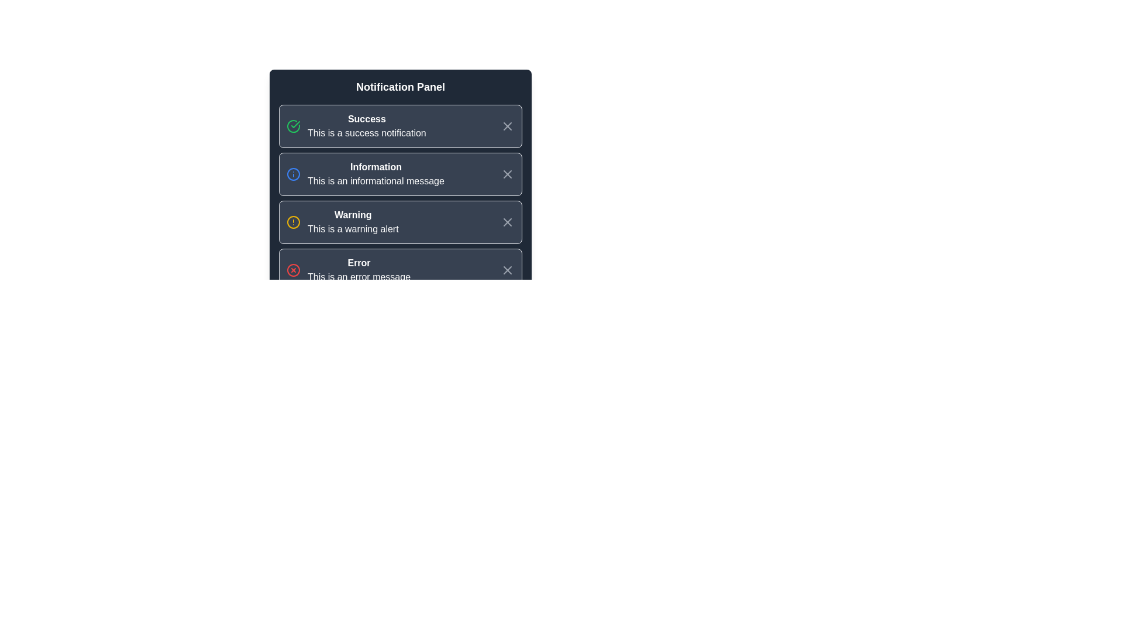 This screenshot has height=632, width=1123. I want to click on the Notification block that contains the blue circular icon with an 'i' and the bold text 'Information', which is located second from the top in the Notification Panel, so click(364, 174).